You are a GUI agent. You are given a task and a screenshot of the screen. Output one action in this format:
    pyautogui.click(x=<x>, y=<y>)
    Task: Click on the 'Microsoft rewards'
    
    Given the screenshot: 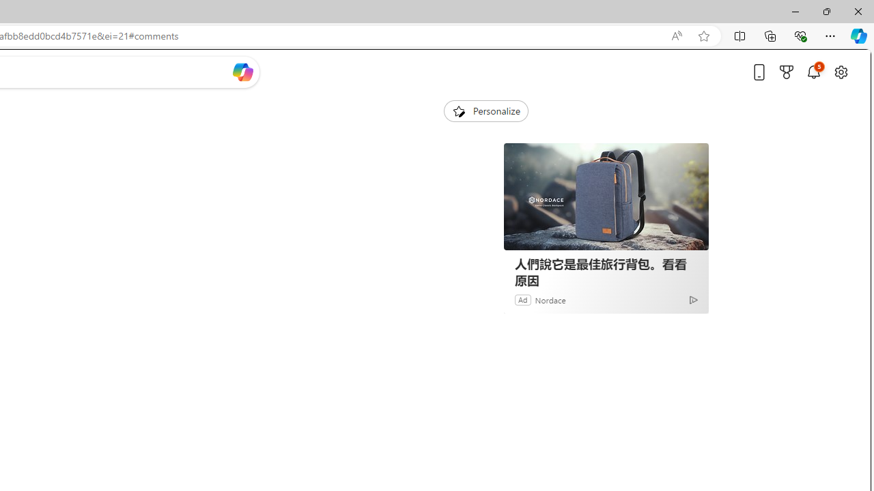 What is the action you would take?
    pyautogui.click(x=787, y=72)
    